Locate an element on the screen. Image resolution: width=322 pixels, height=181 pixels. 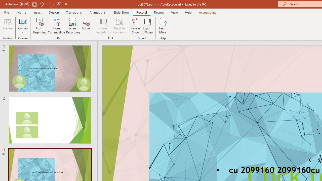
'Save as Show' is located at coordinates (136, 26).